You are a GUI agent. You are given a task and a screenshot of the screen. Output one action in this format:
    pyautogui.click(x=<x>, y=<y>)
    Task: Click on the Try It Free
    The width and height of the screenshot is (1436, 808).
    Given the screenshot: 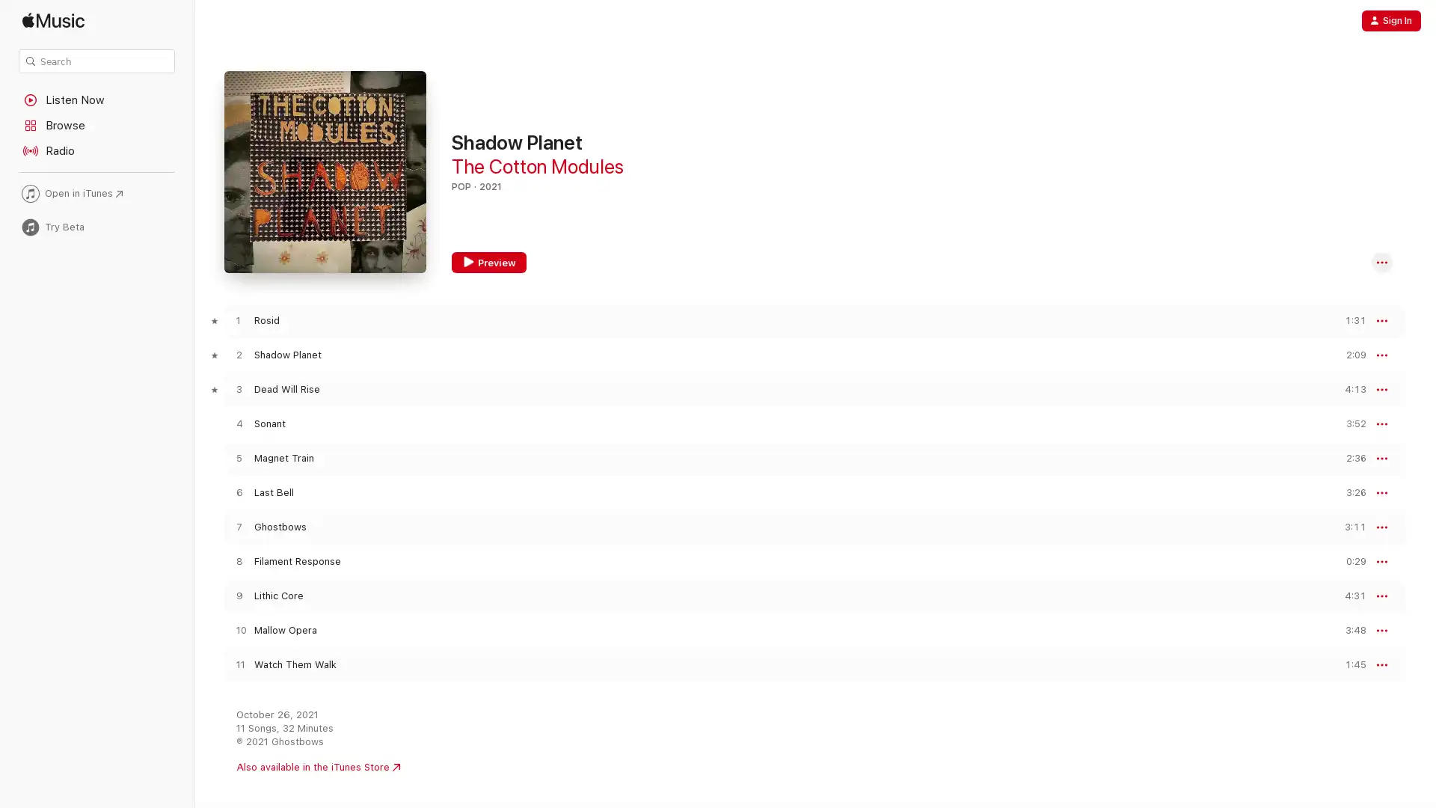 What is the action you would take?
    pyautogui.click(x=1366, y=779)
    